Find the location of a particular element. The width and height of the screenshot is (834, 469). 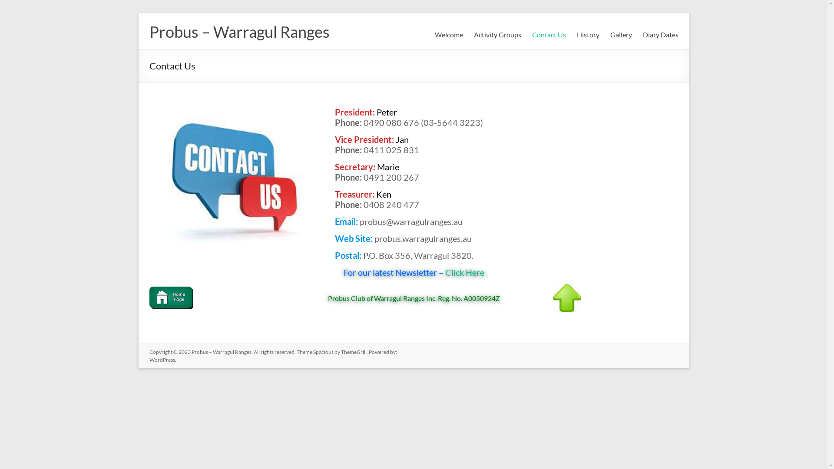

'Click Here' is located at coordinates (463, 272).